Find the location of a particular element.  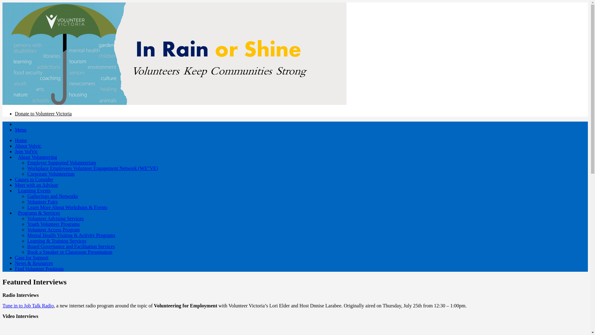

'Join VolVic' is located at coordinates (26, 151).